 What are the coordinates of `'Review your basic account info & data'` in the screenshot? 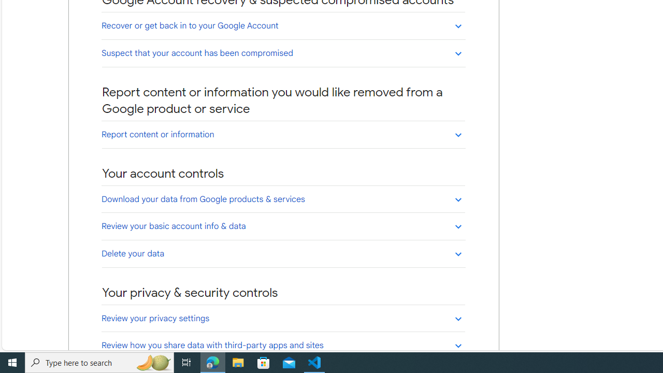 It's located at (283, 225).